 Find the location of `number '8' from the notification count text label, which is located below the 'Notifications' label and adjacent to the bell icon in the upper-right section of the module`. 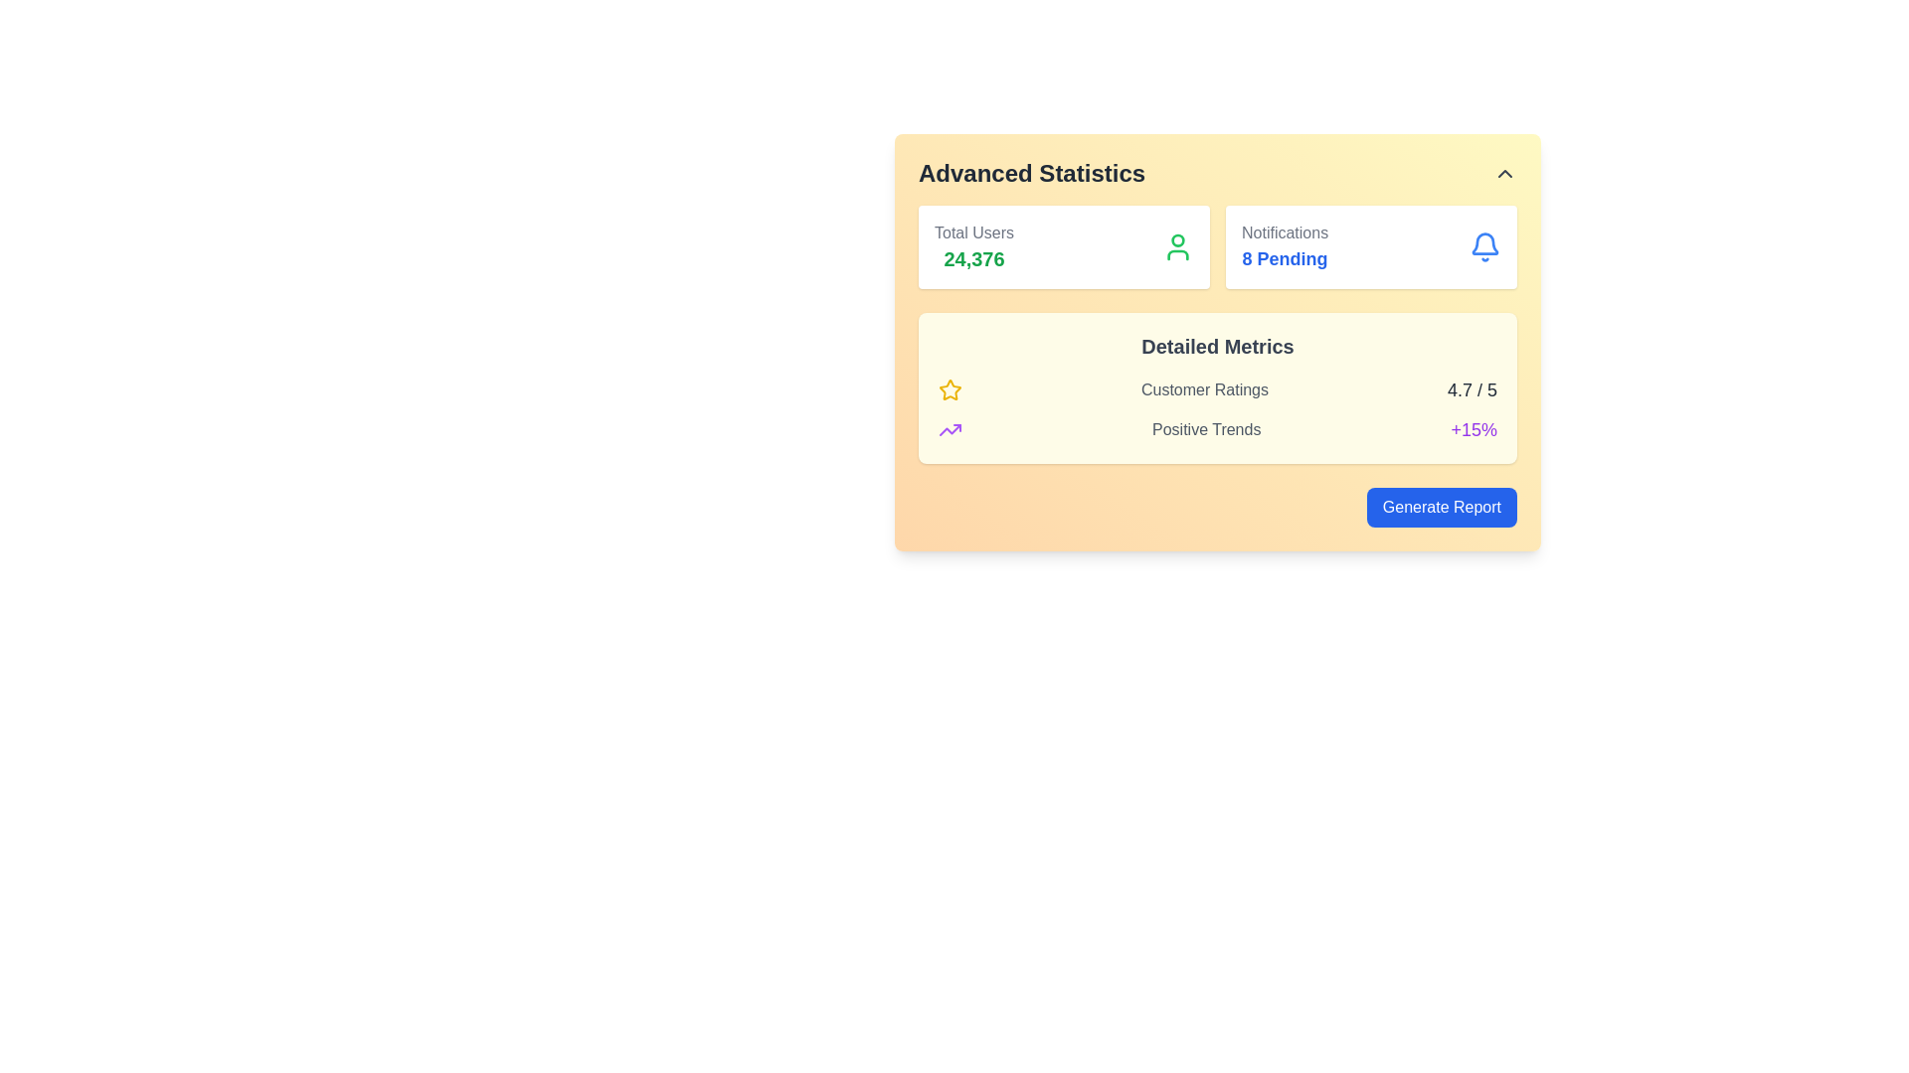

number '8' from the notification count text label, which is located below the 'Notifications' label and adjacent to the bell icon in the upper-right section of the module is located at coordinates (1285, 258).